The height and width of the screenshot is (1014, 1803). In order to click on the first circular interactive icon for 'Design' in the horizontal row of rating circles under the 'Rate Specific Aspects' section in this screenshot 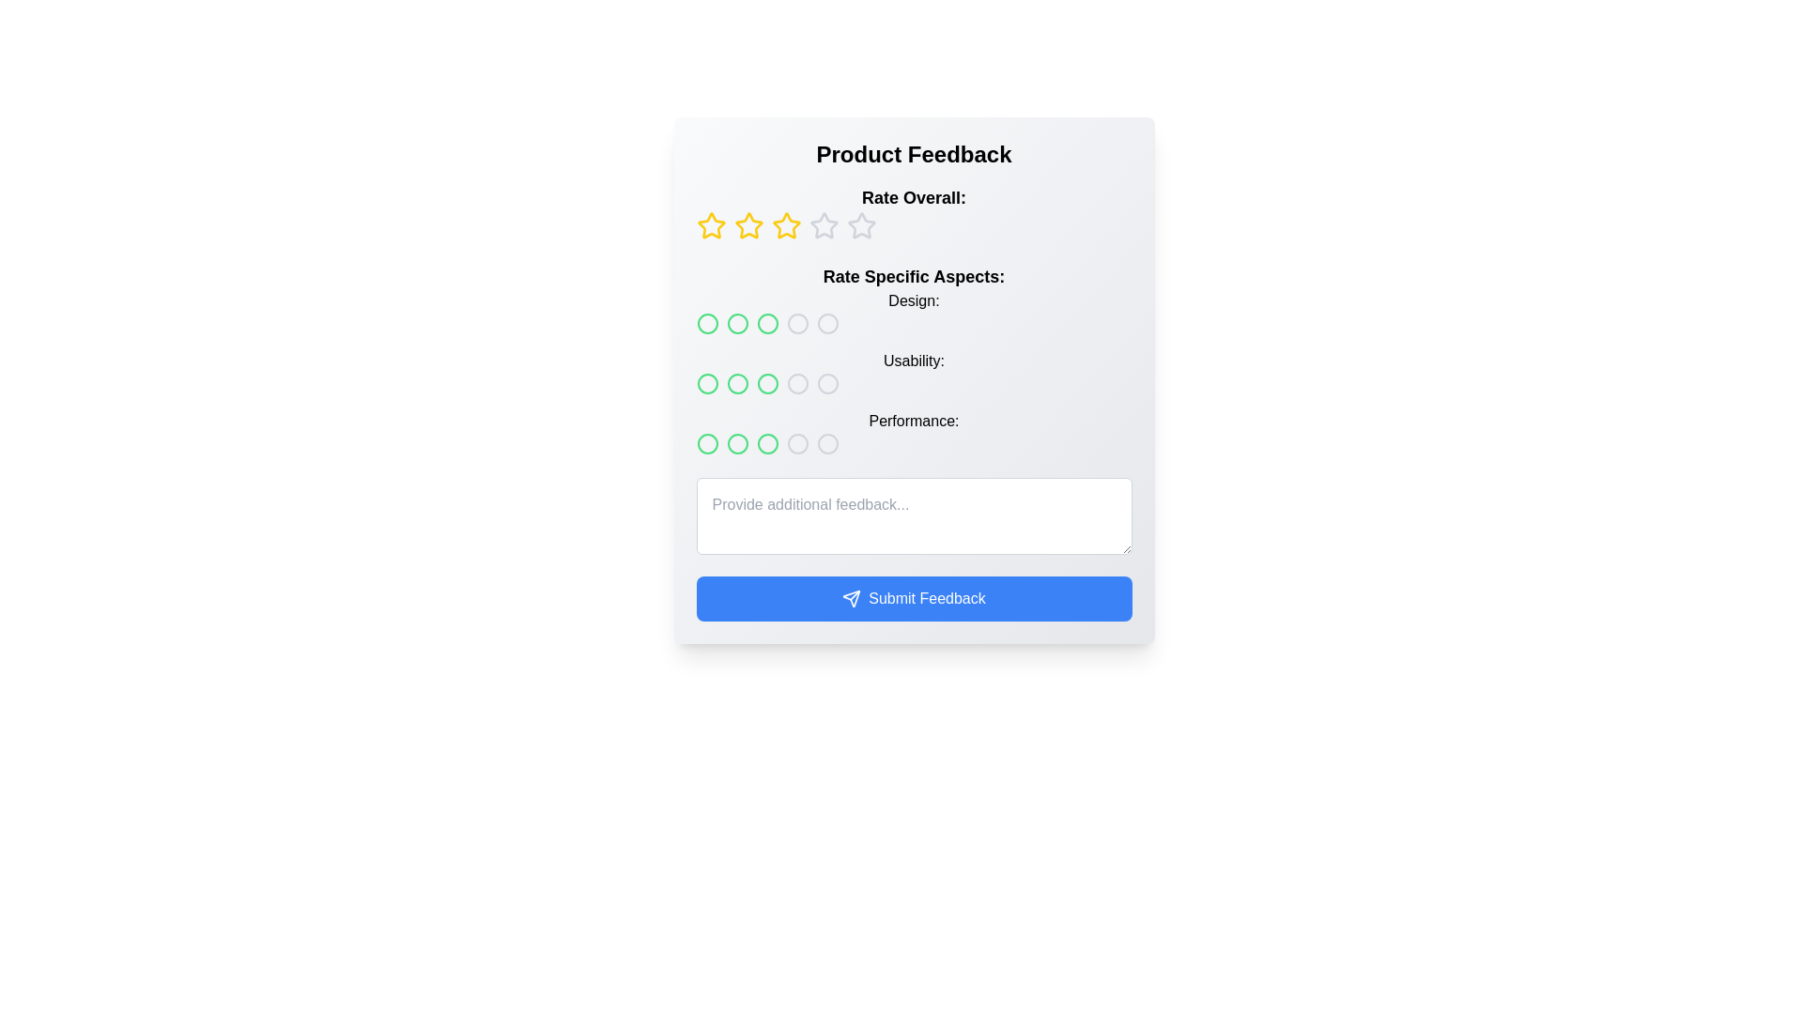, I will do `click(706, 322)`.